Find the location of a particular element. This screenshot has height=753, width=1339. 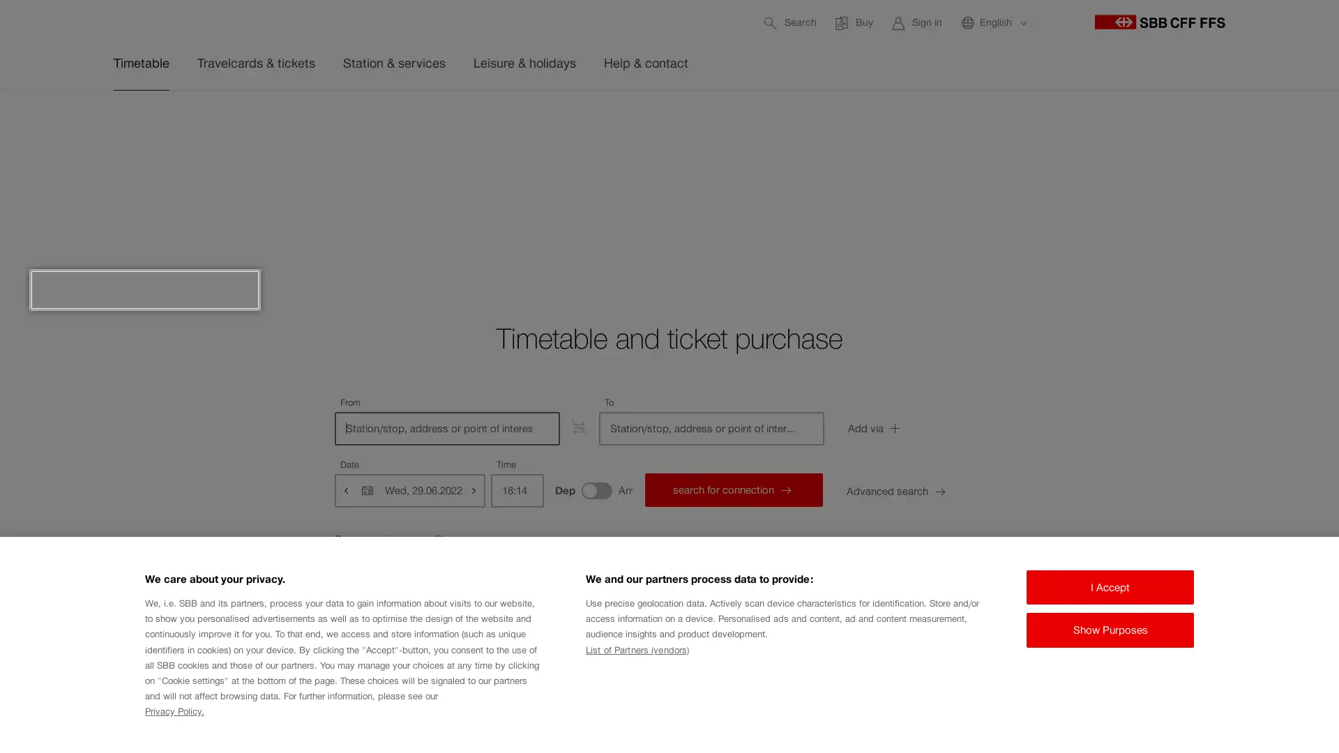

List of Partners (vendors) is located at coordinates (636, 650).